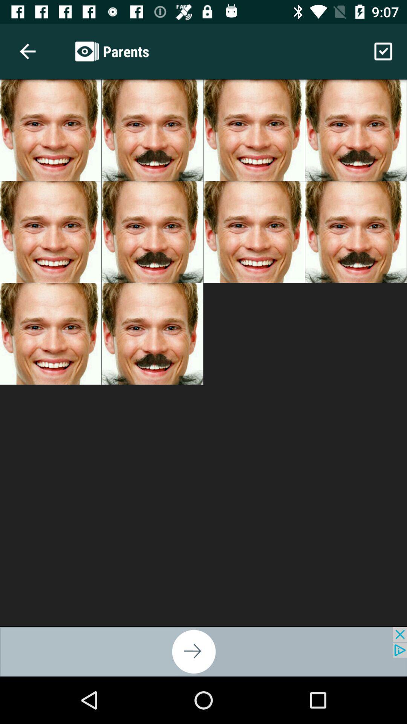  Describe the element at coordinates (254, 232) in the screenshot. I see `the image which is second row third image` at that location.